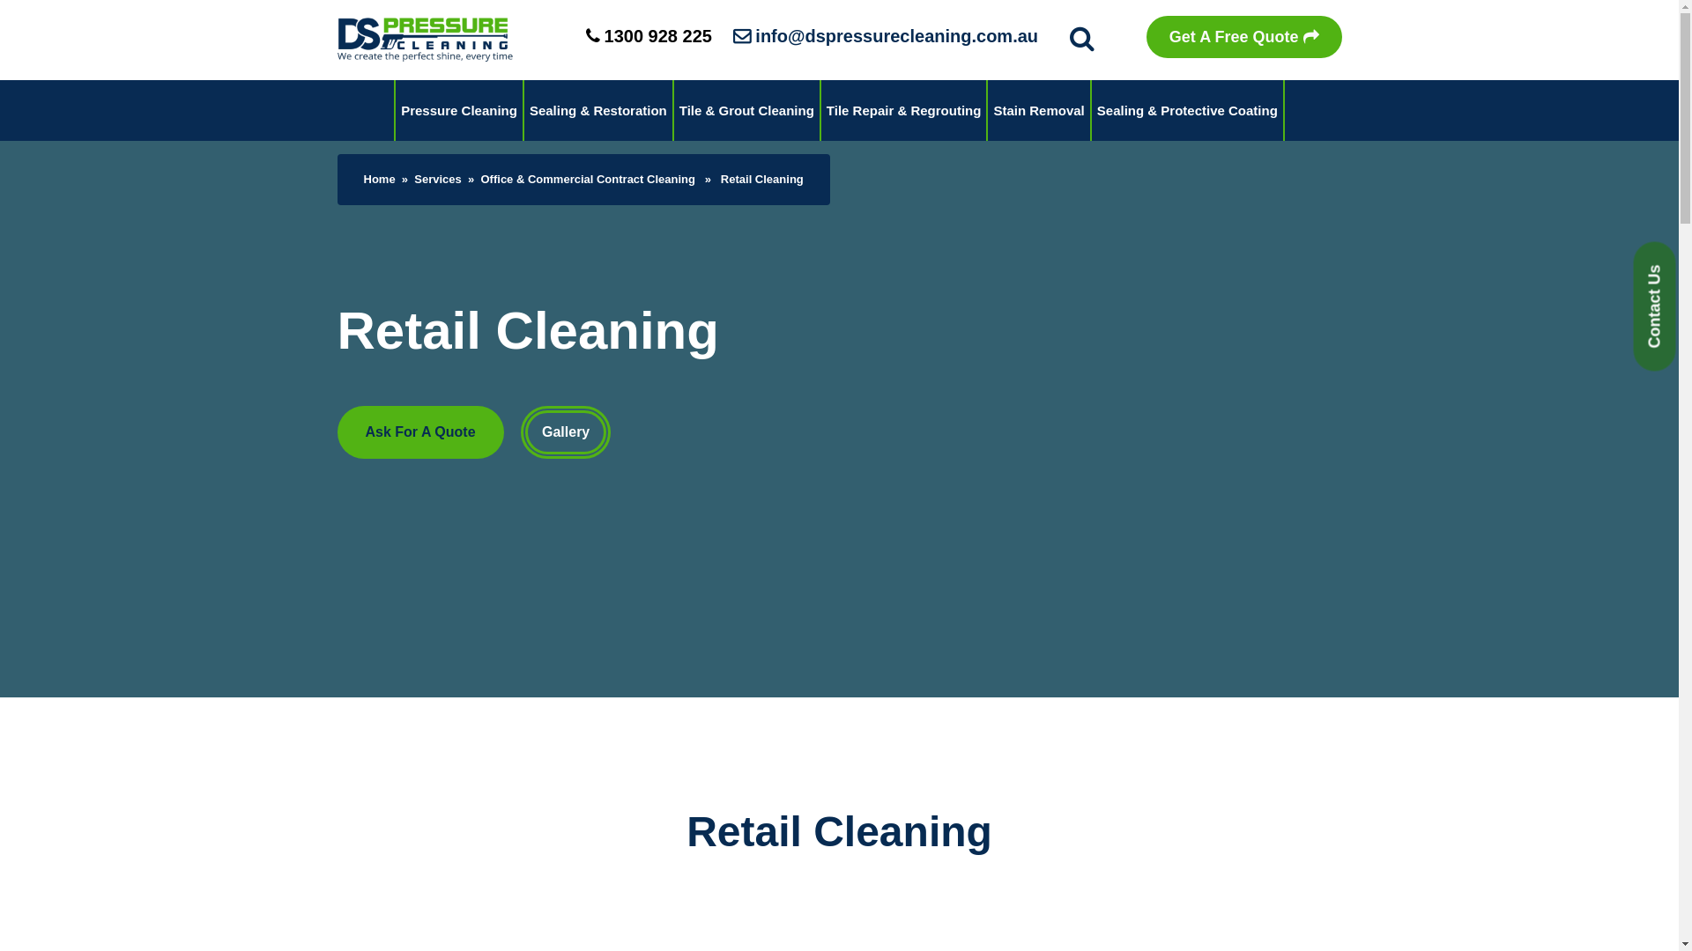 Image resolution: width=1692 pixels, height=951 pixels. Describe the element at coordinates (588, 179) in the screenshot. I see `'Office & Commercial Contract Cleaning'` at that location.